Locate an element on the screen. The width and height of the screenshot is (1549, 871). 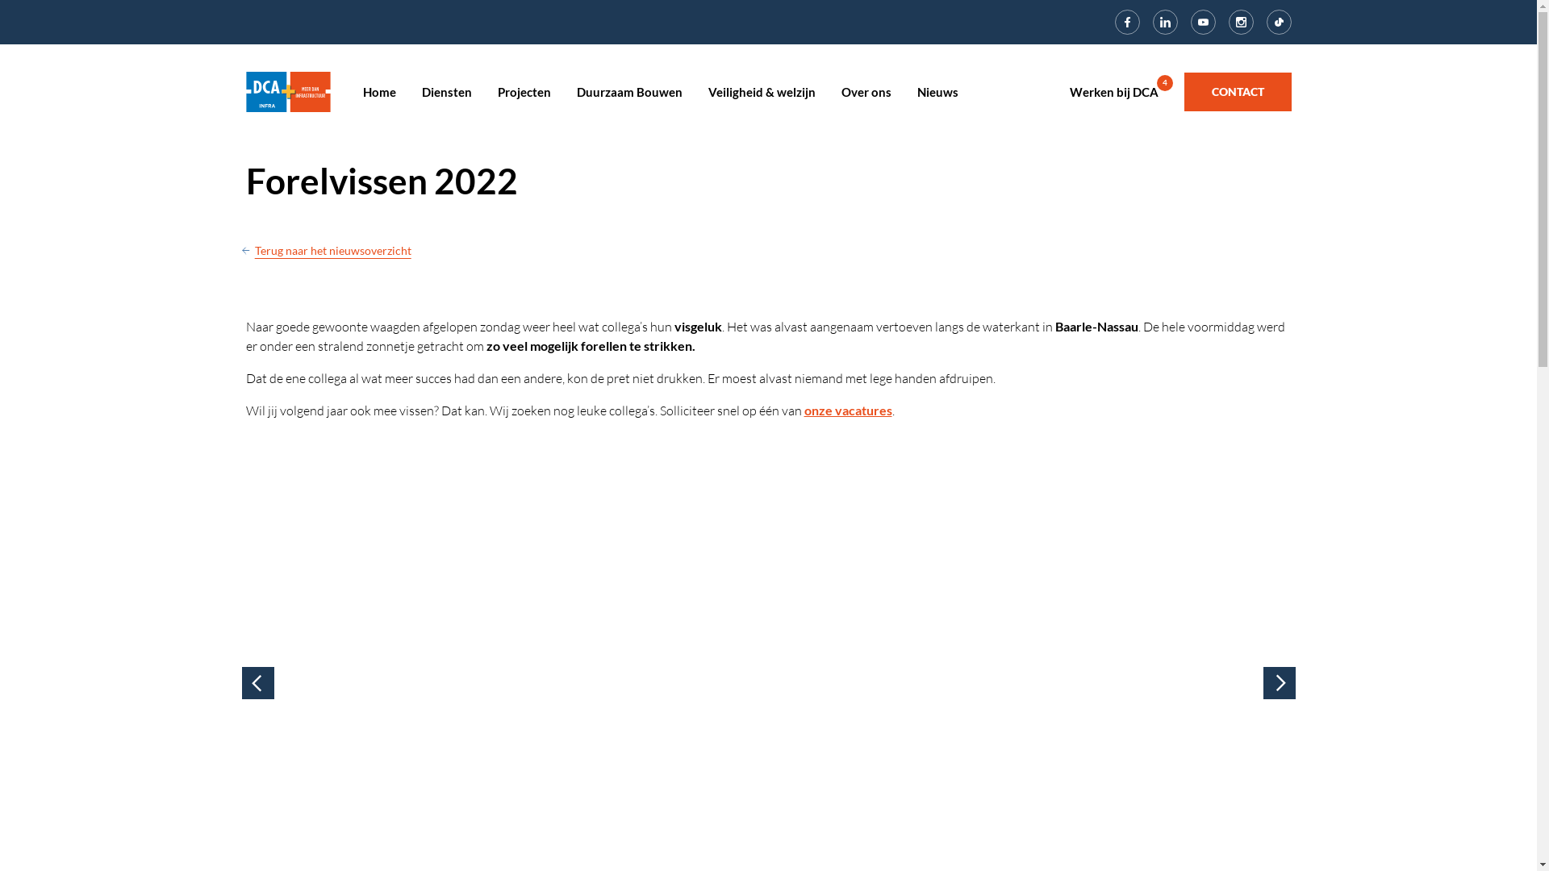
'Previous' is located at coordinates (258, 683).